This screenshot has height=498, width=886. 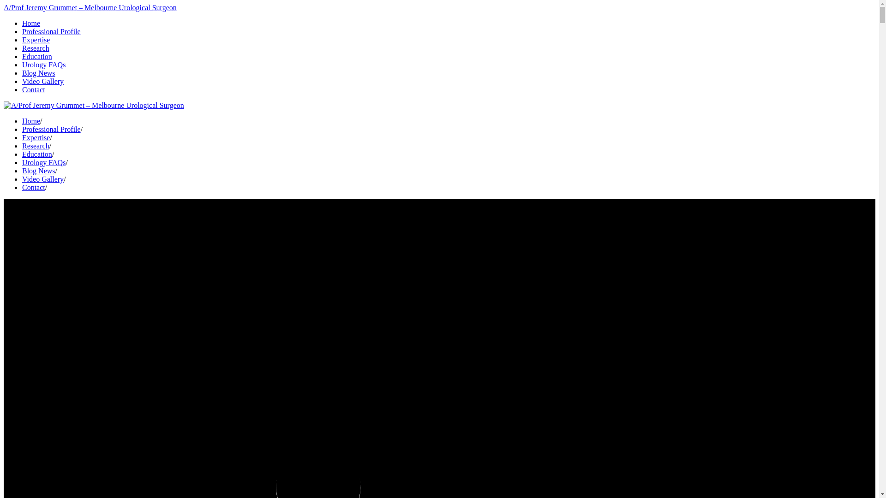 What do you see at coordinates (42, 179) in the screenshot?
I see `'Video Gallery'` at bounding box center [42, 179].